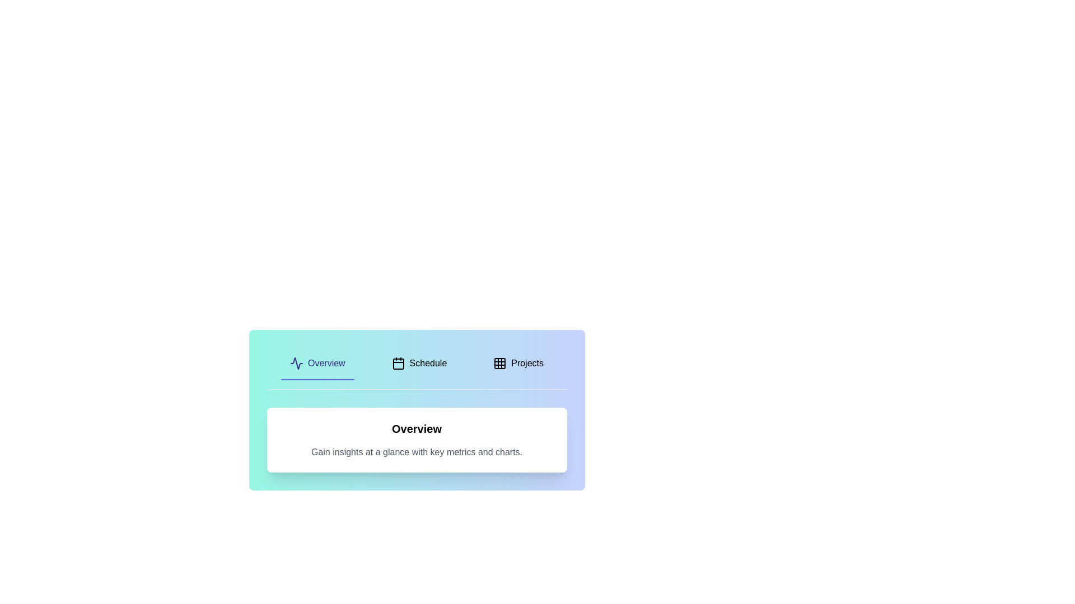 The height and width of the screenshot is (604, 1075). Describe the element at coordinates (296, 364) in the screenshot. I see `the icon of the tab labeled Overview` at that location.